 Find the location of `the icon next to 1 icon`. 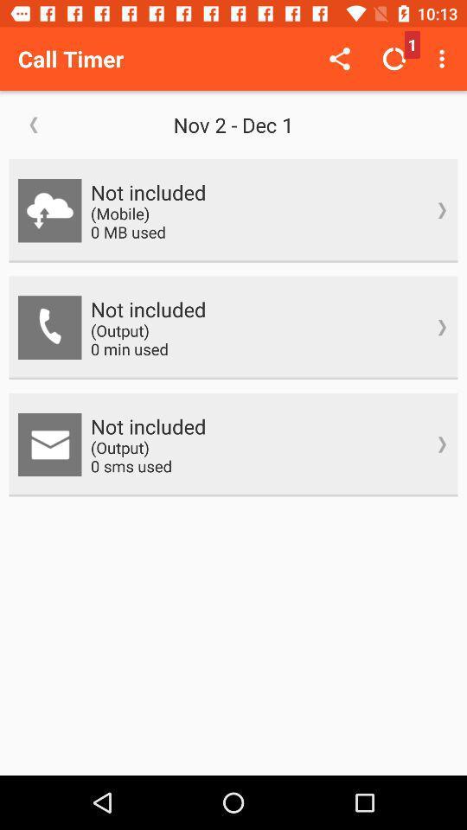

the icon next to 1 icon is located at coordinates (444, 59).